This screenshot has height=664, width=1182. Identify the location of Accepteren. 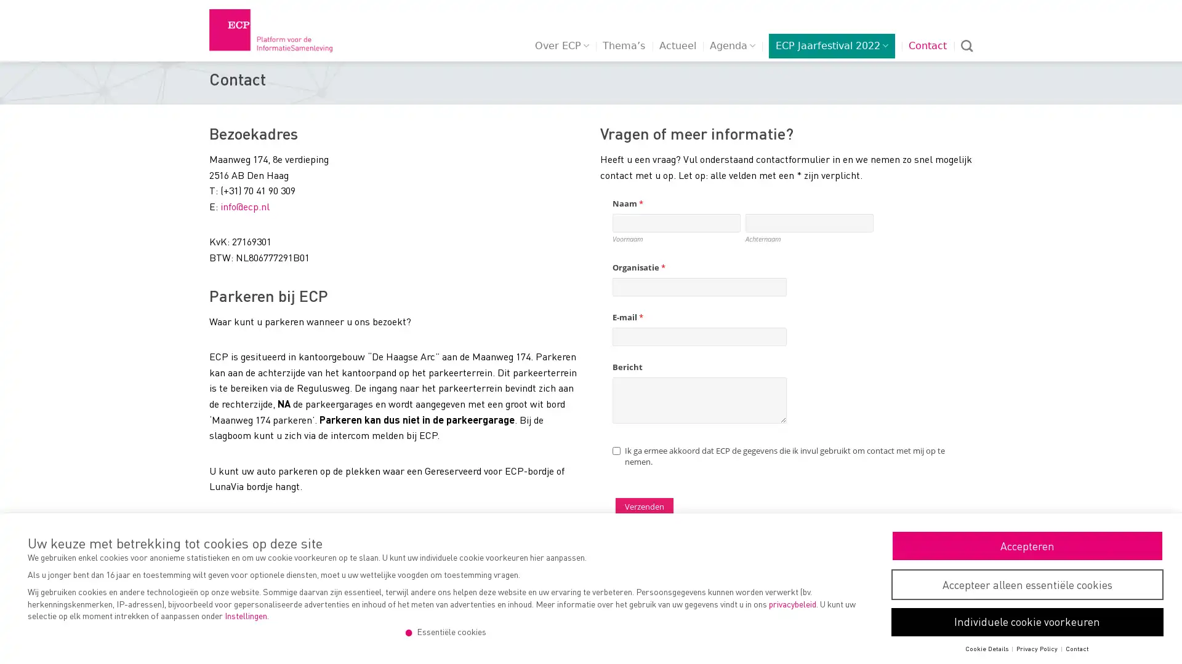
(1027, 545).